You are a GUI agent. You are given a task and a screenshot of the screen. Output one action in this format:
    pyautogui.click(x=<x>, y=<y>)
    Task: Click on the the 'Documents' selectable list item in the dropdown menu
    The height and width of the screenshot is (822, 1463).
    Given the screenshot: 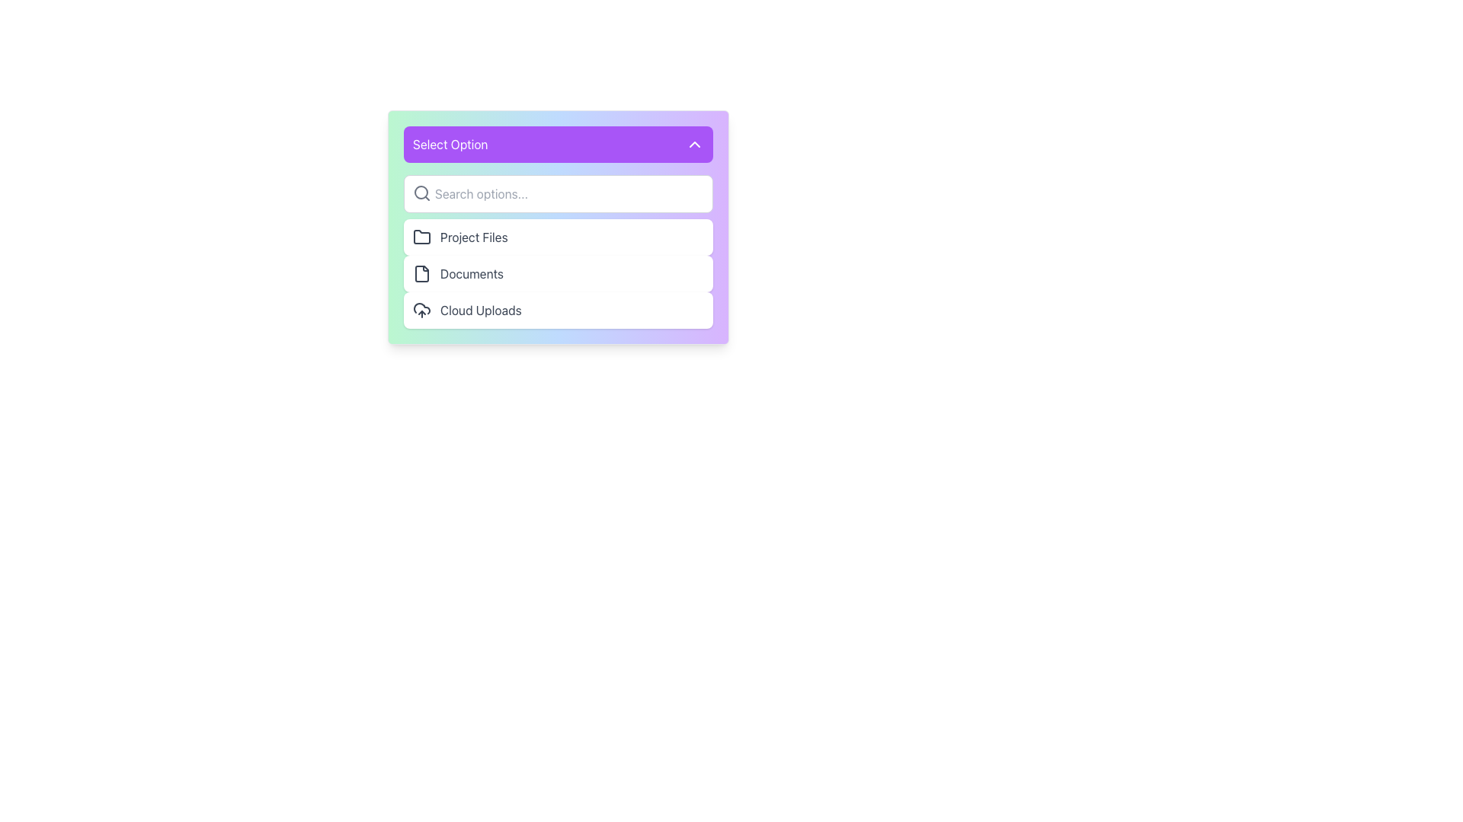 What is the action you would take?
    pyautogui.click(x=558, y=272)
    